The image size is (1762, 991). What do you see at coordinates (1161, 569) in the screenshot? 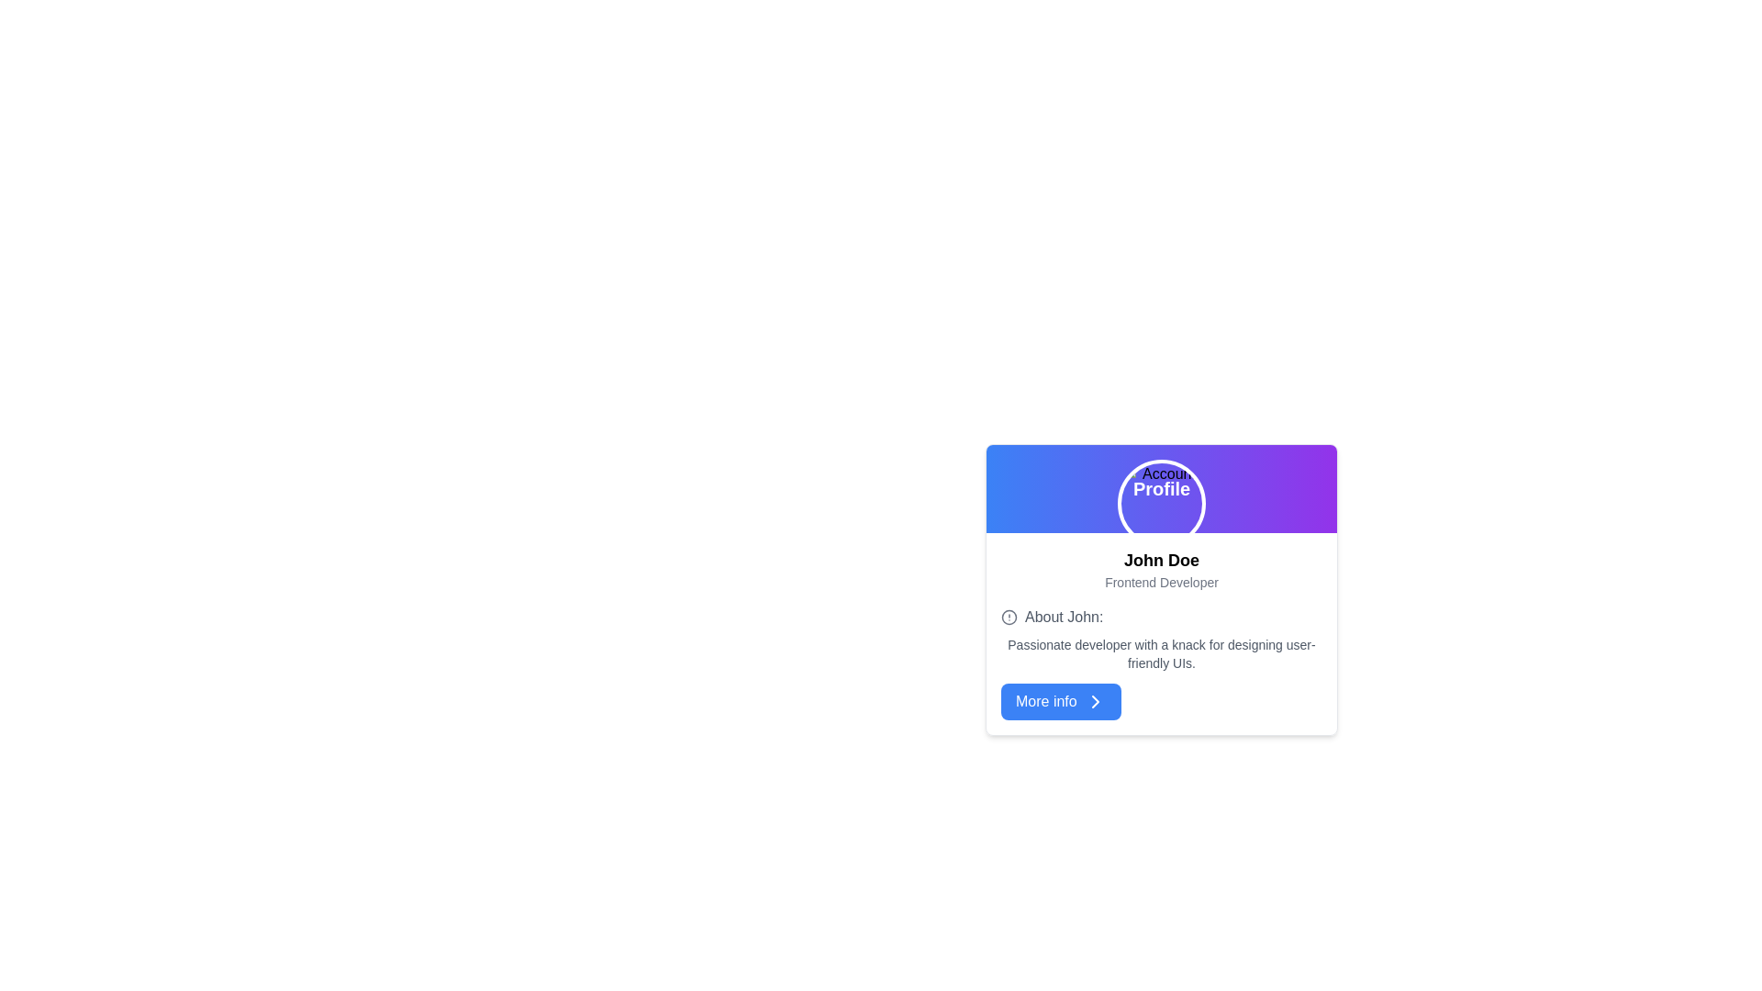
I see `the text display block containing the name 'John Doe' and the title 'Frontend Developer', which is visually centered inside a card-like component in the profile section` at bounding box center [1161, 569].